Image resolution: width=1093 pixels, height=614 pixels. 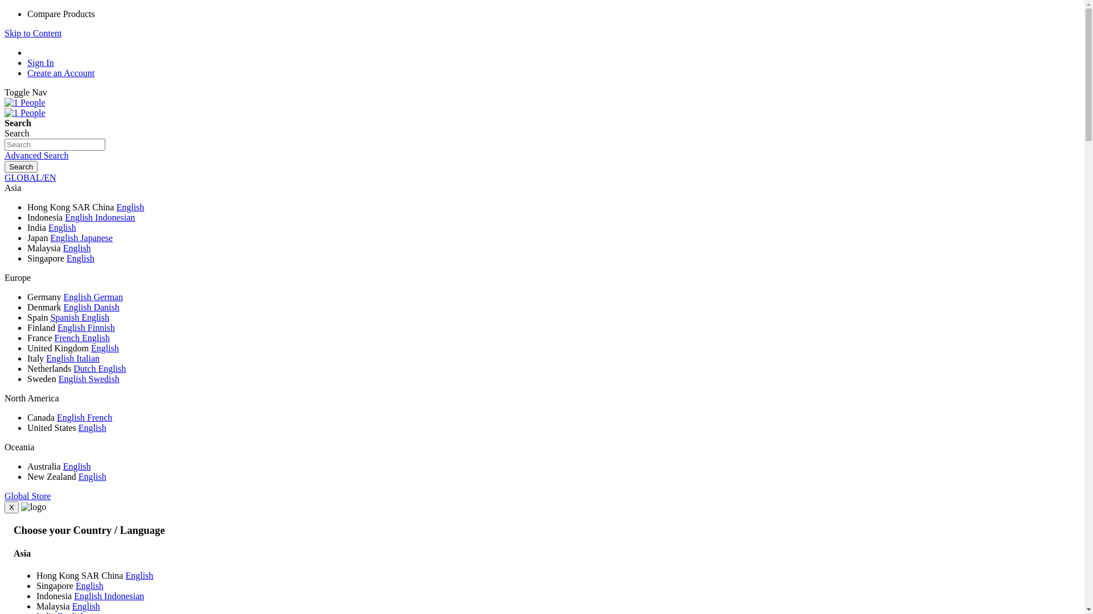 What do you see at coordinates (27, 495) in the screenshot?
I see `'Global Store'` at bounding box center [27, 495].